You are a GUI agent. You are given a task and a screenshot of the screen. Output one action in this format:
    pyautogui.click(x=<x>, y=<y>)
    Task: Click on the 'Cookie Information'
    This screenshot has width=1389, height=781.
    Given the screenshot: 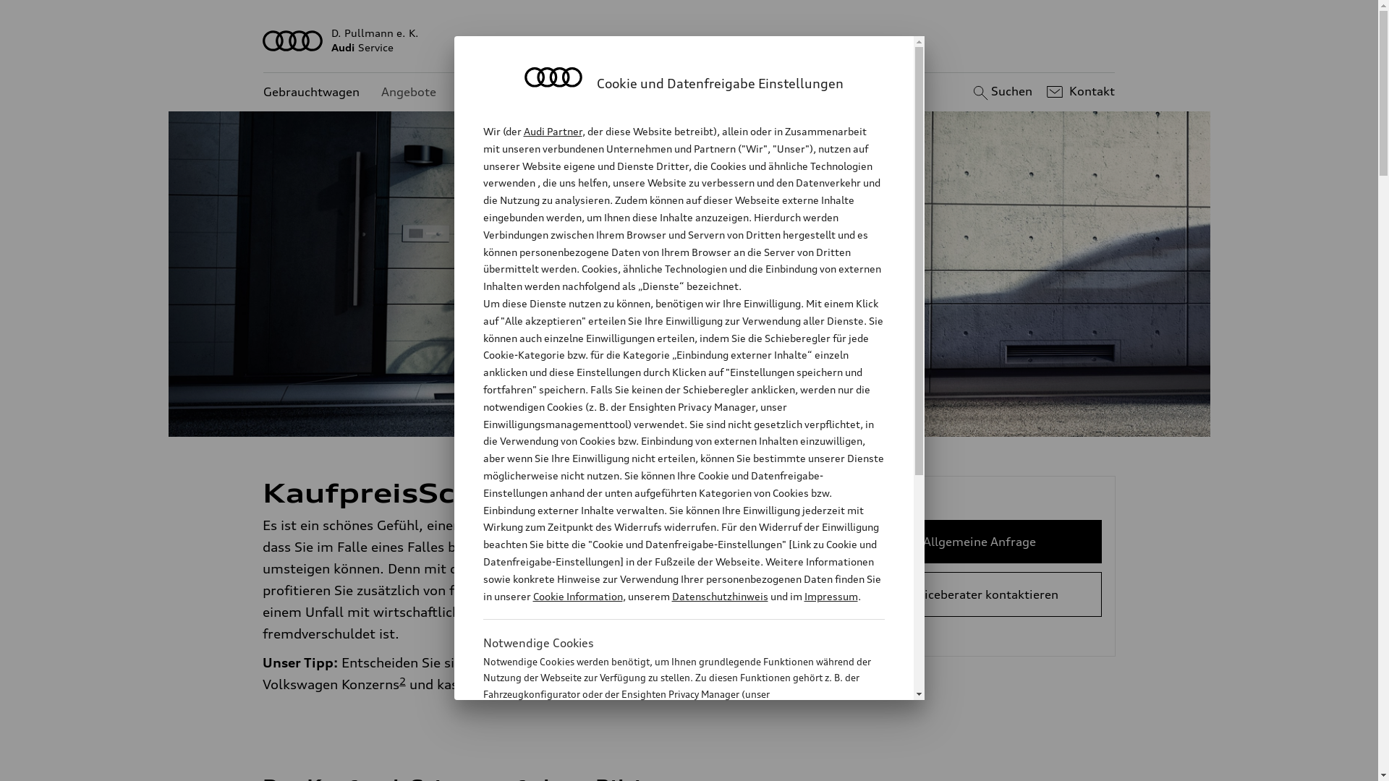 What is the action you would take?
    pyautogui.click(x=576, y=596)
    